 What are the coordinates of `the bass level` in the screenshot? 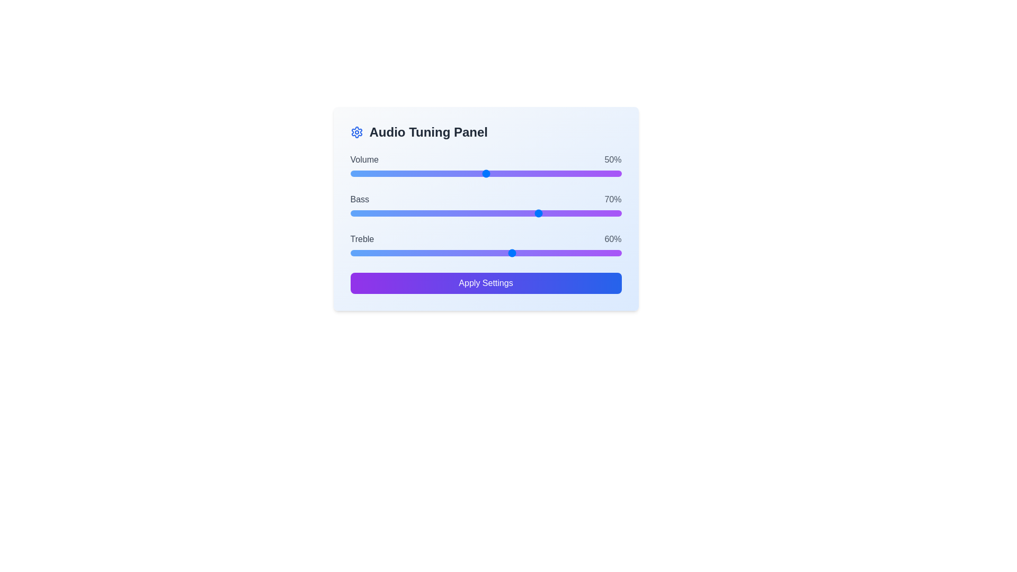 It's located at (398, 213).